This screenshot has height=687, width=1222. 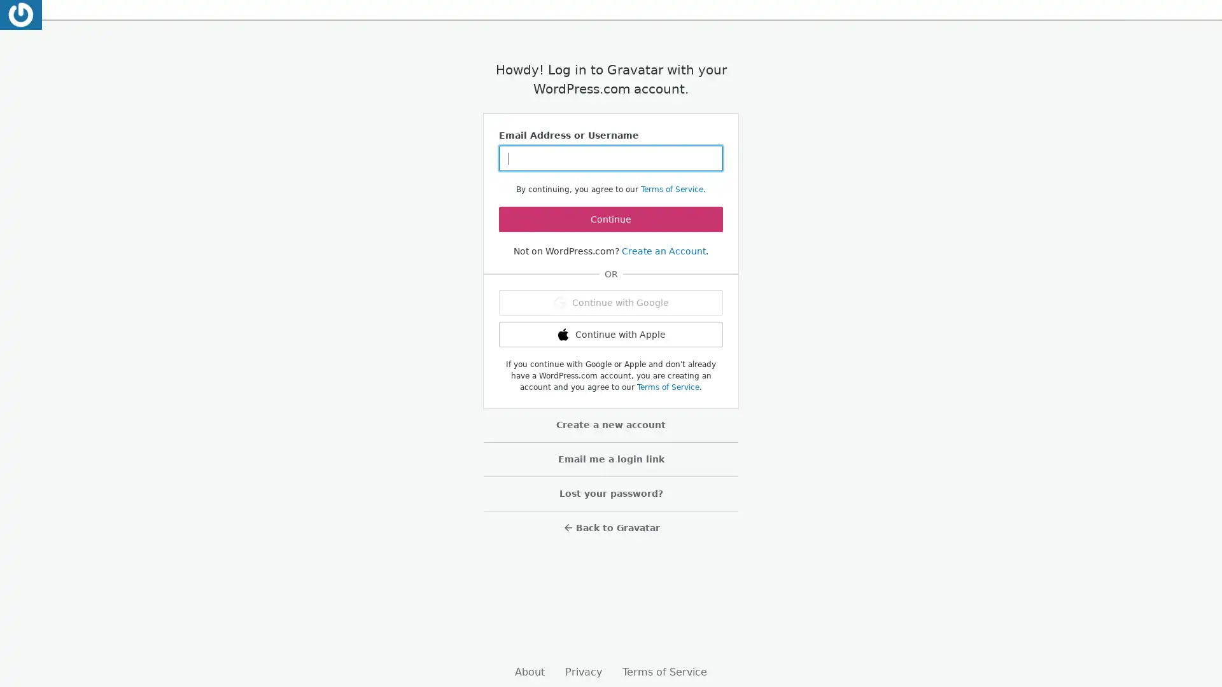 I want to click on Continue, so click(x=611, y=218).